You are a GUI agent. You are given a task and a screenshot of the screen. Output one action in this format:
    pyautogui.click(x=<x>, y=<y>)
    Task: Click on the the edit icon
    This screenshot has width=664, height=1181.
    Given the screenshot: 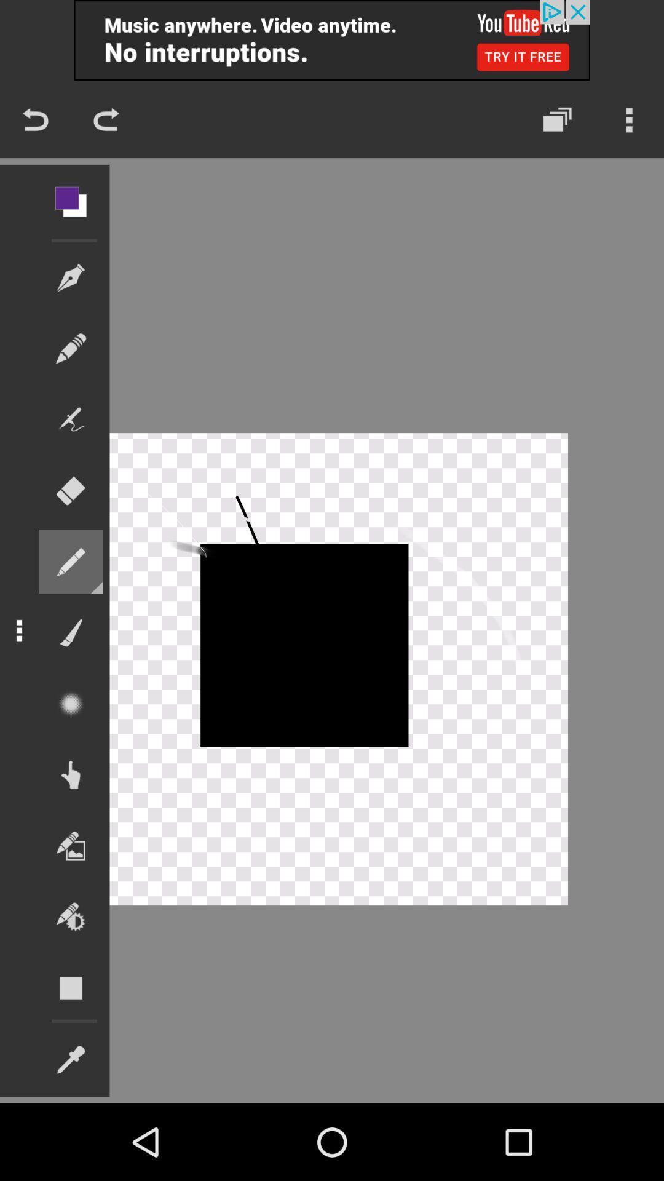 What is the action you would take?
    pyautogui.click(x=71, y=561)
    